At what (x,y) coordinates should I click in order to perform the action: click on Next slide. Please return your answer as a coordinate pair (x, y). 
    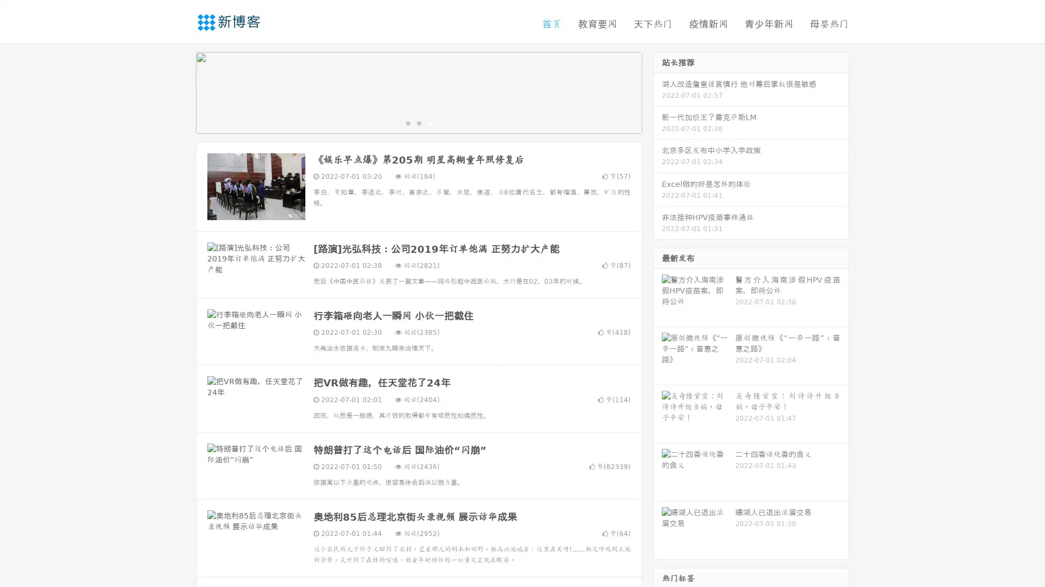
    Looking at the image, I should click on (657, 91).